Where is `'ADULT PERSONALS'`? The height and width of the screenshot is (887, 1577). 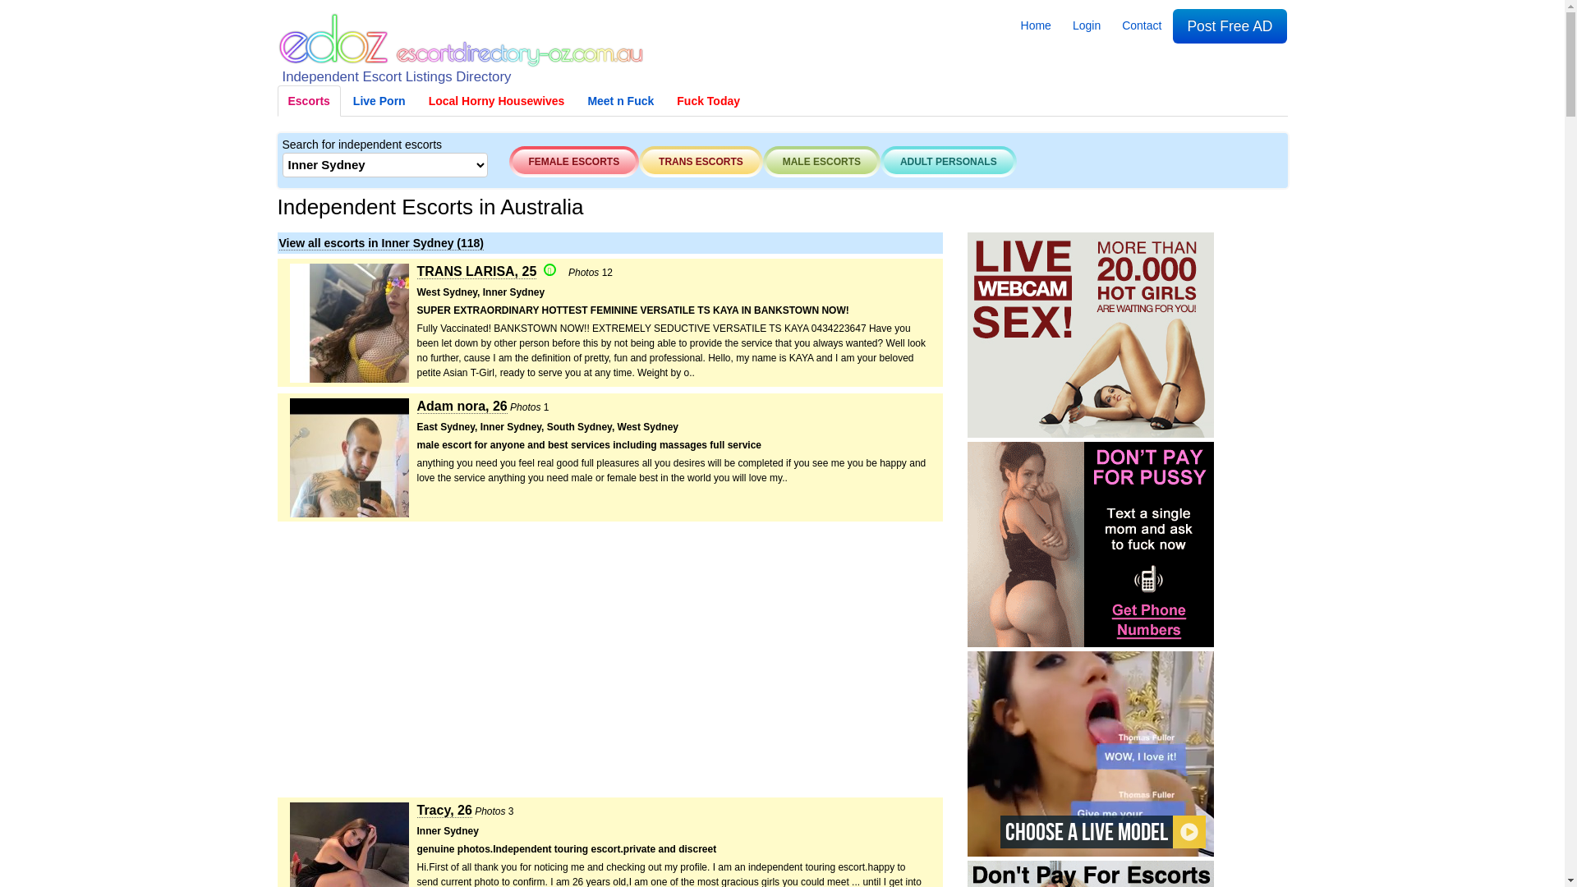
'ADULT PERSONALS' is located at coordinates (949, 161).